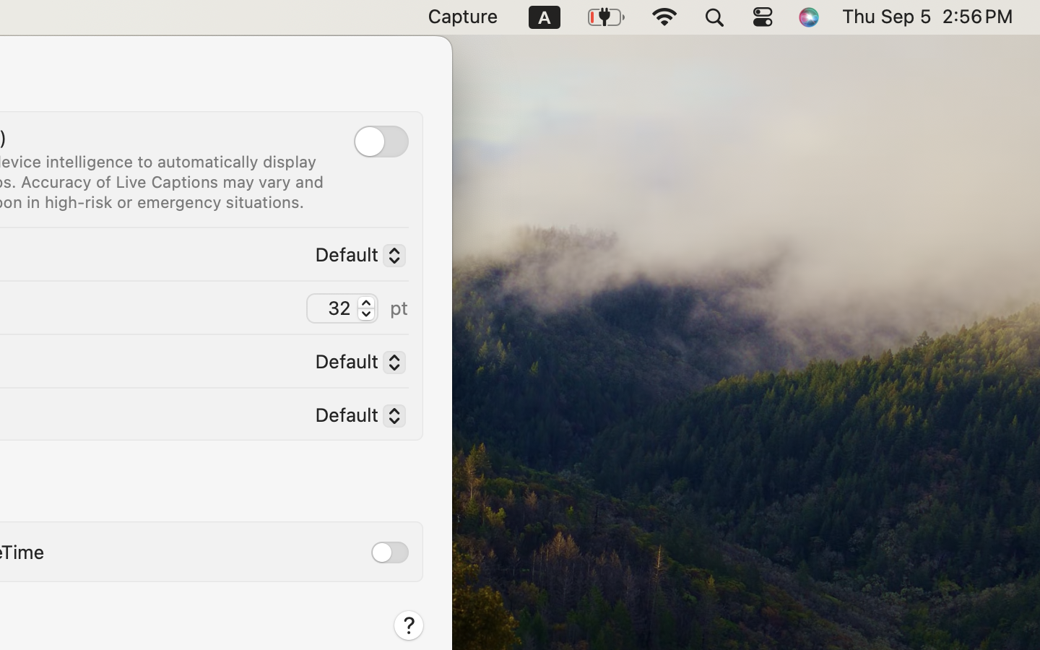 Image resolution: width=1040 pixels, height=650 pixels. What do you see at coordinates (365, 307) in the screenshot?
I see `'32.0'` at bounding box center [365, 307].